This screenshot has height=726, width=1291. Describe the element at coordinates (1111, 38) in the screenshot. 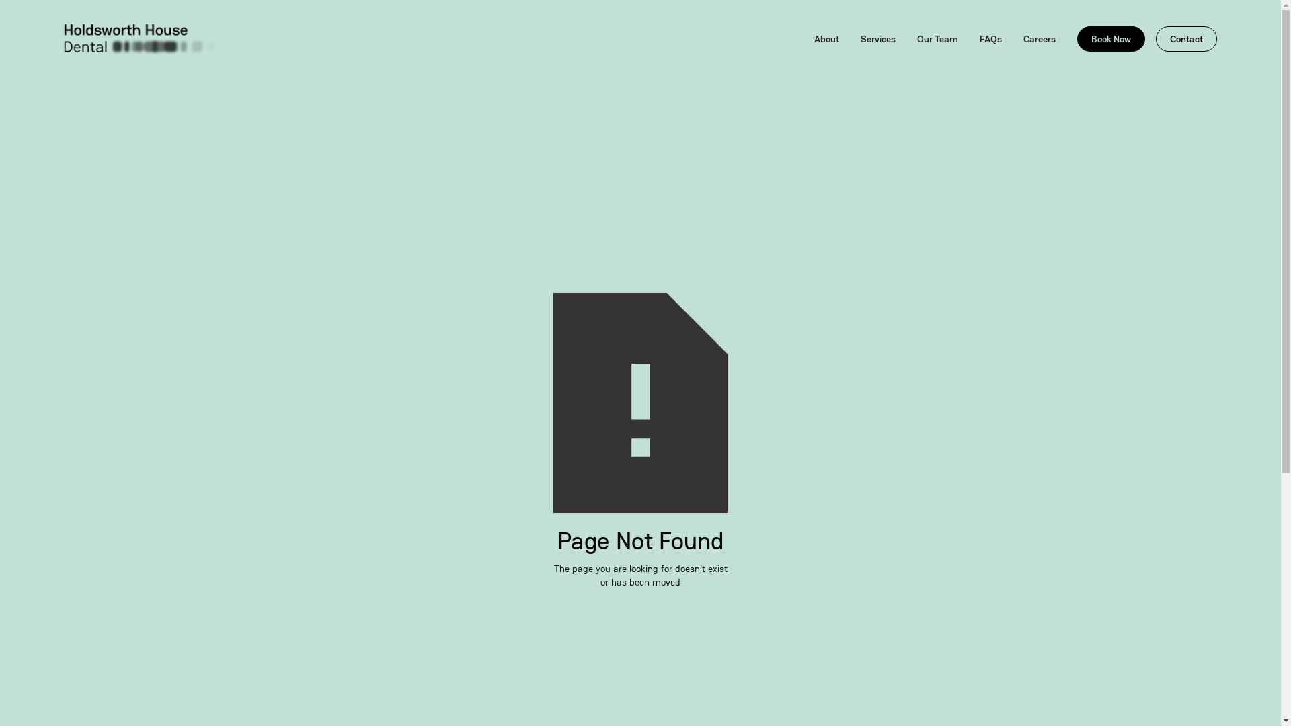

I see `'Book Now'` at that location.